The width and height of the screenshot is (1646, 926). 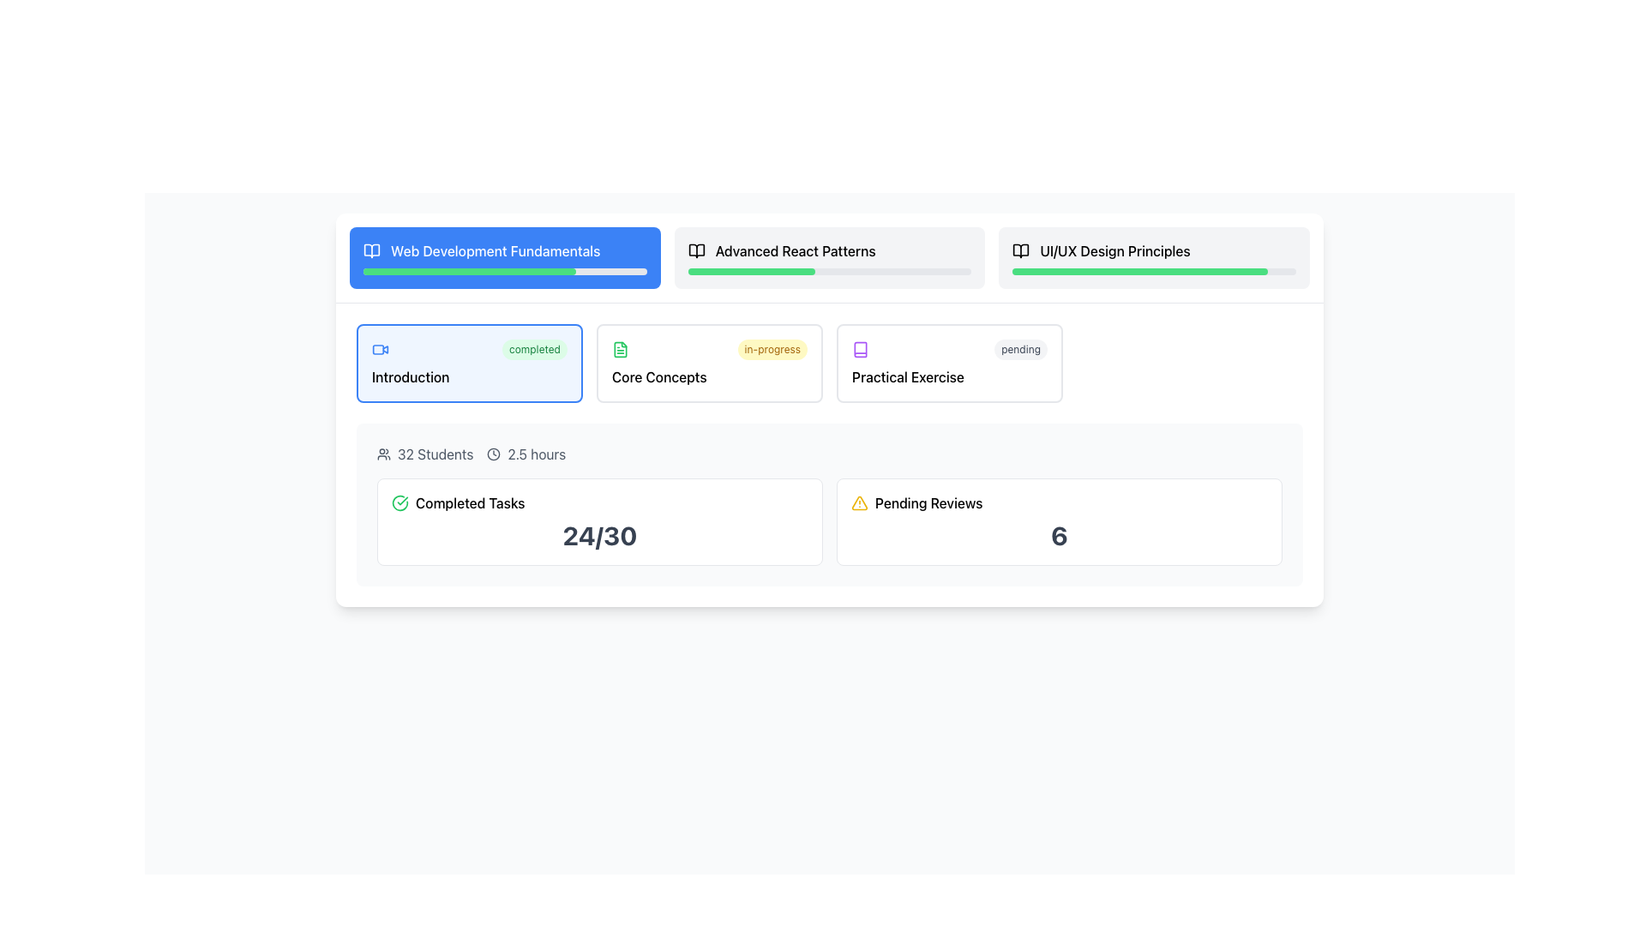 What do you see at coordinates (436, 453) in the screenshot?
I see `the text label displaying '32 Students' in black text, located below the title 'Web Development Fundamentals' and next to a user icon` at bounding box center [436, 453].